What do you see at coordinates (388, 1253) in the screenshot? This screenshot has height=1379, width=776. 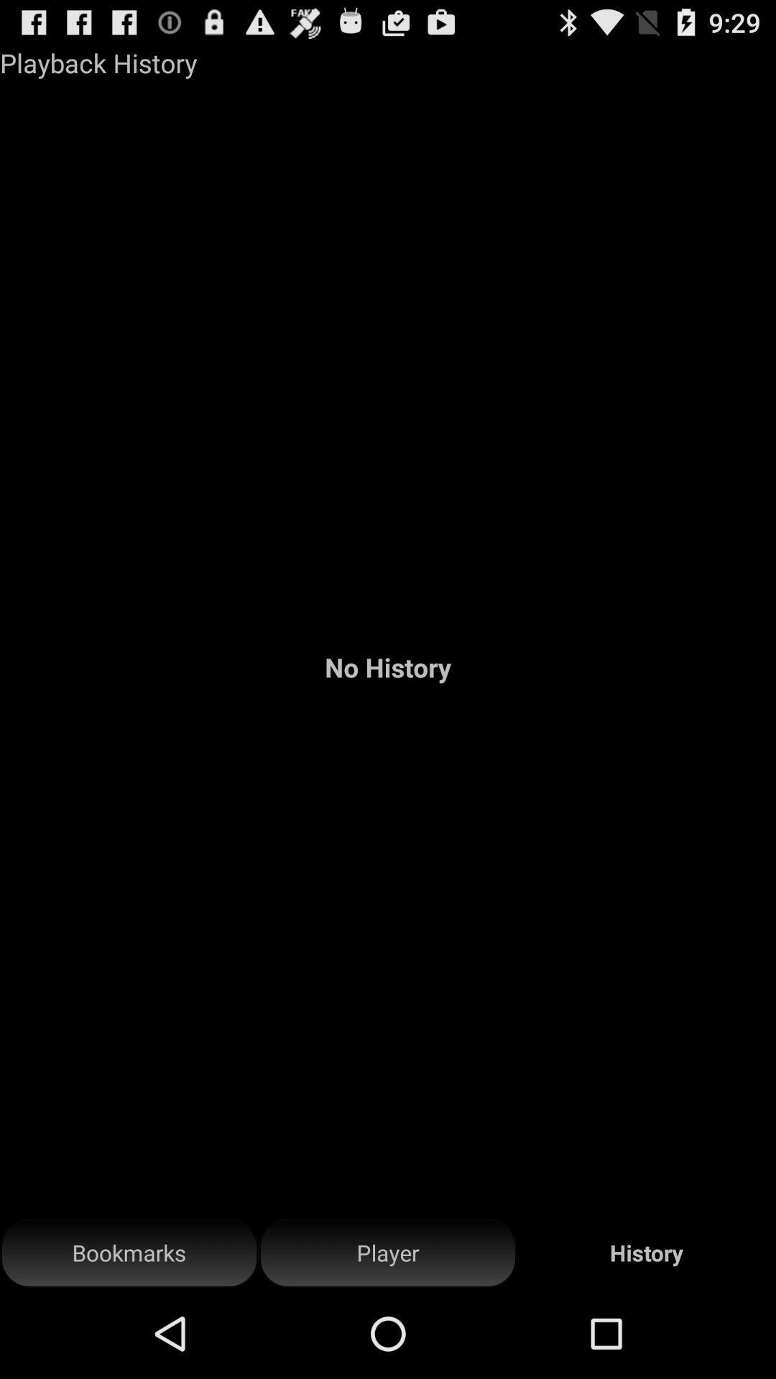 I see `the item to the right of bookmarks icon` at bounding box center [388, 1253].